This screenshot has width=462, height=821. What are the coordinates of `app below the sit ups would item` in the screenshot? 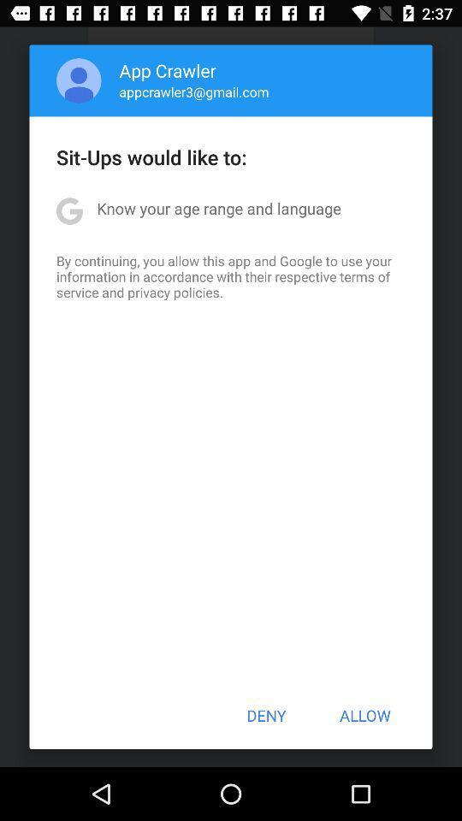 It's located at (219, 207).